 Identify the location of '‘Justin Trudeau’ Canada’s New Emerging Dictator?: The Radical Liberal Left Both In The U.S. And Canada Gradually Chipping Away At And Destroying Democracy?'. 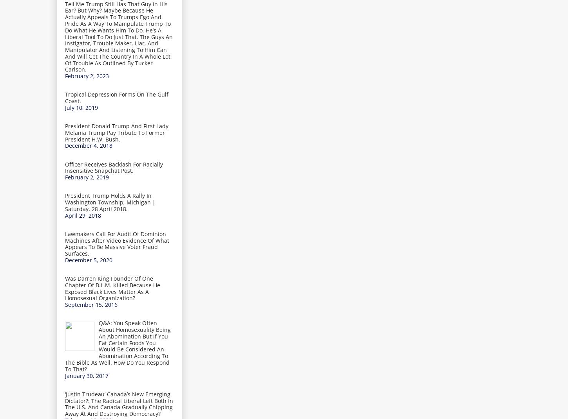
(119, 403).